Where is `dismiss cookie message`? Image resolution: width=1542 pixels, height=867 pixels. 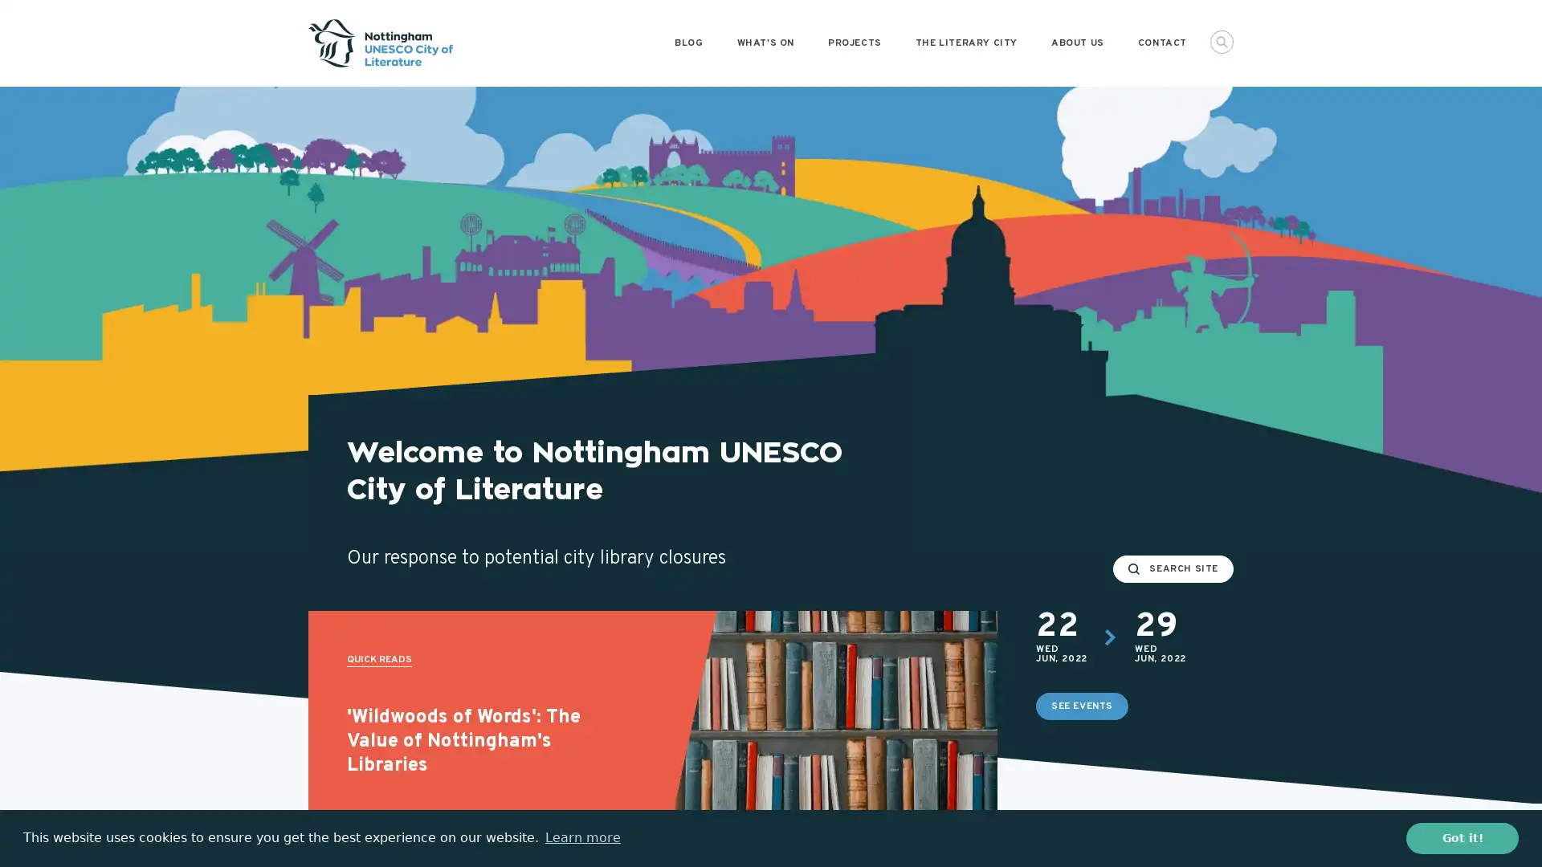
dismiss cookie message is located at coordinates (1462, 837).